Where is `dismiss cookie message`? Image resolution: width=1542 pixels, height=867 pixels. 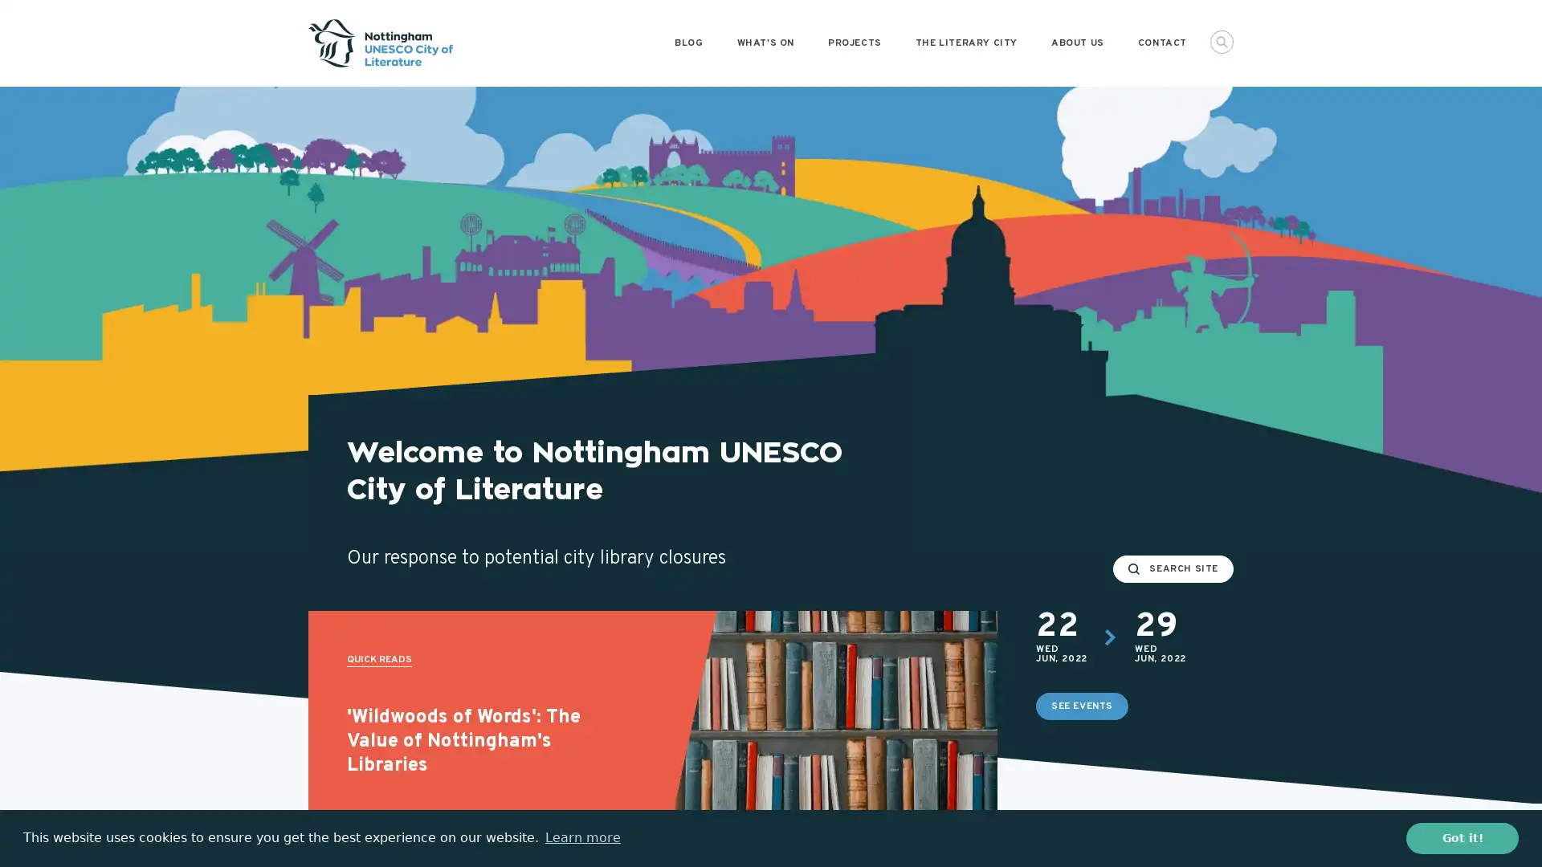
dismiss cookie message is located at coordinates (1462, 837).